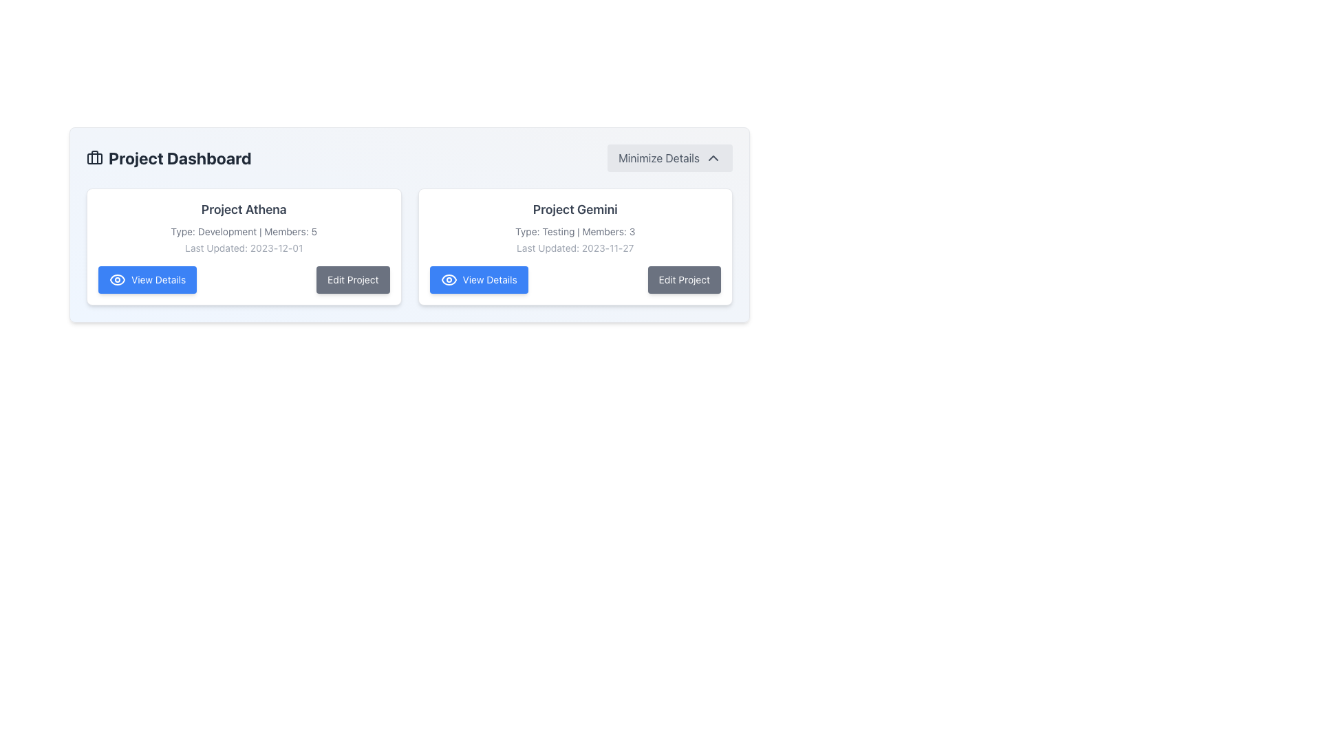 This screenshot has width=1321, height=743. What do you see at coordinates (94, 156) in the screenshot?
I see `the decorative rectangle component within the briefcase icon, which is located to the left of the 'Project Dashboard' heading text` at bounding box center [94, 156].